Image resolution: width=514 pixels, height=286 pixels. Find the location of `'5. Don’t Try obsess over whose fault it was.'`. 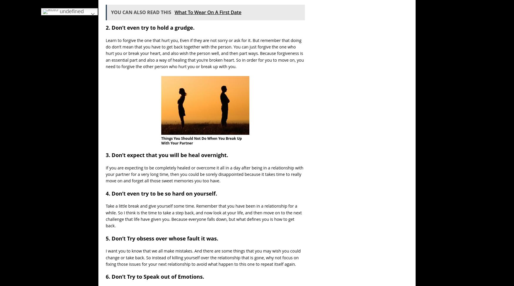

'5. Don’t Try obsess over whose fault it was.' is located at coordinates (162, 238).